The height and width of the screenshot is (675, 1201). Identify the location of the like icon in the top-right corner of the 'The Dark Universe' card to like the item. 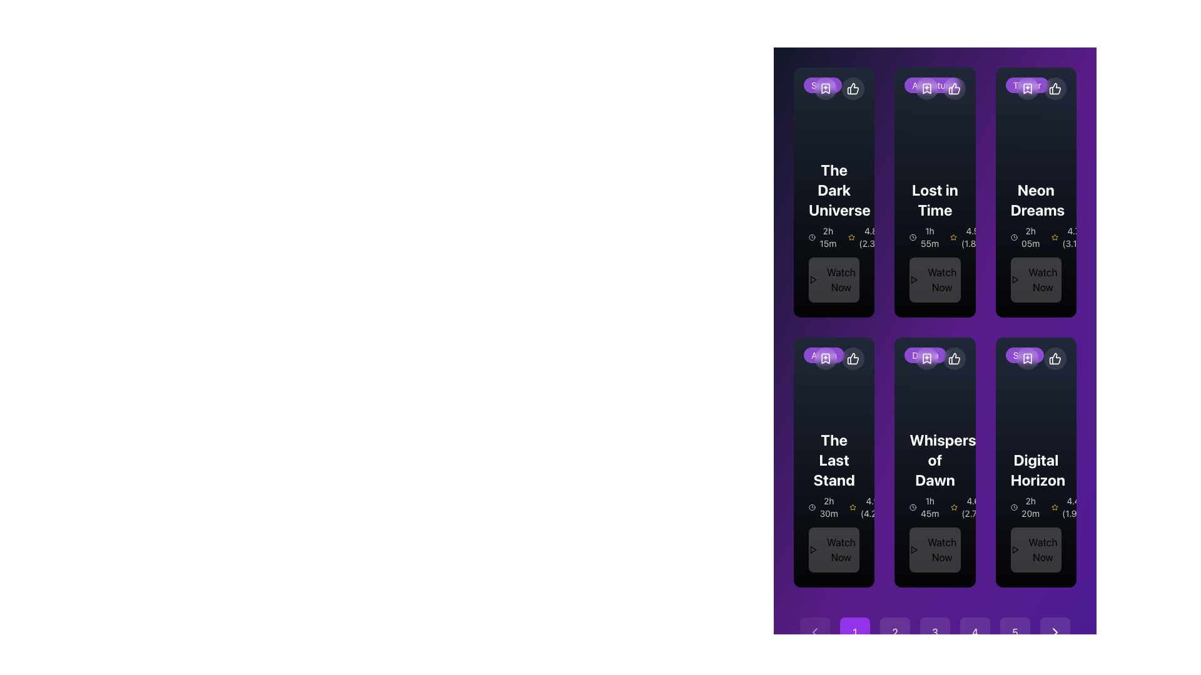
(839, 88).